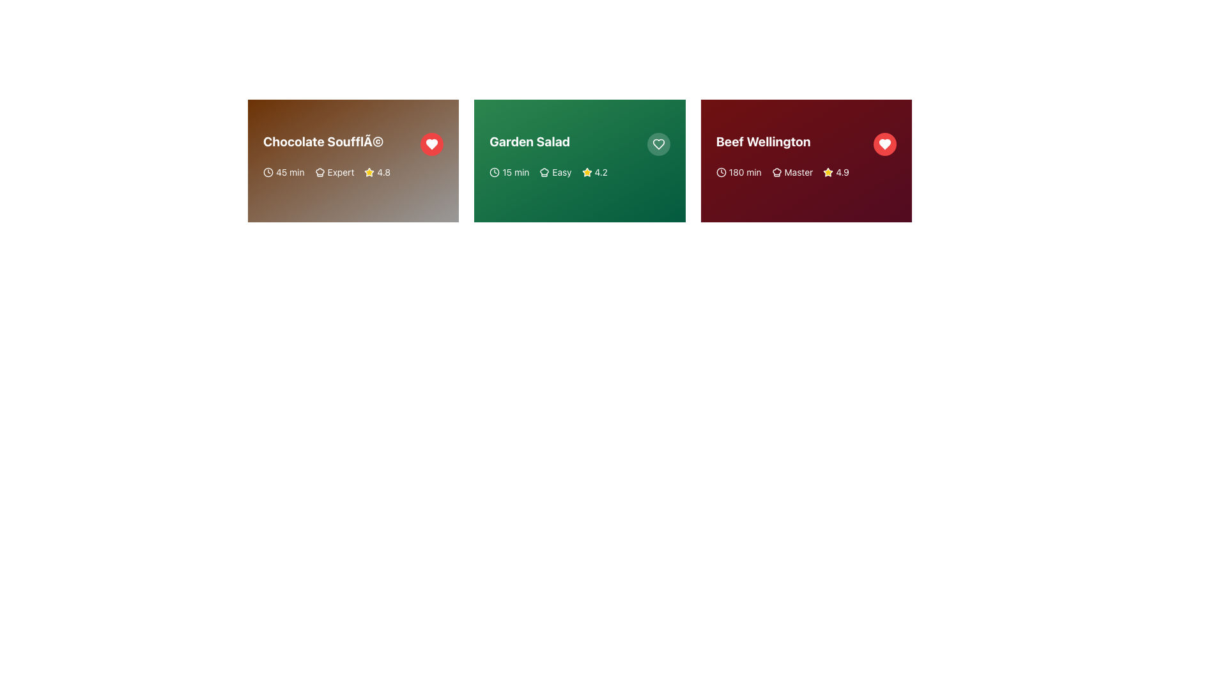  I want to click on the 'Garden Salad' header text element, which is styled in bold and large font and located at the top-left corner of the green card, so click(579, 144).